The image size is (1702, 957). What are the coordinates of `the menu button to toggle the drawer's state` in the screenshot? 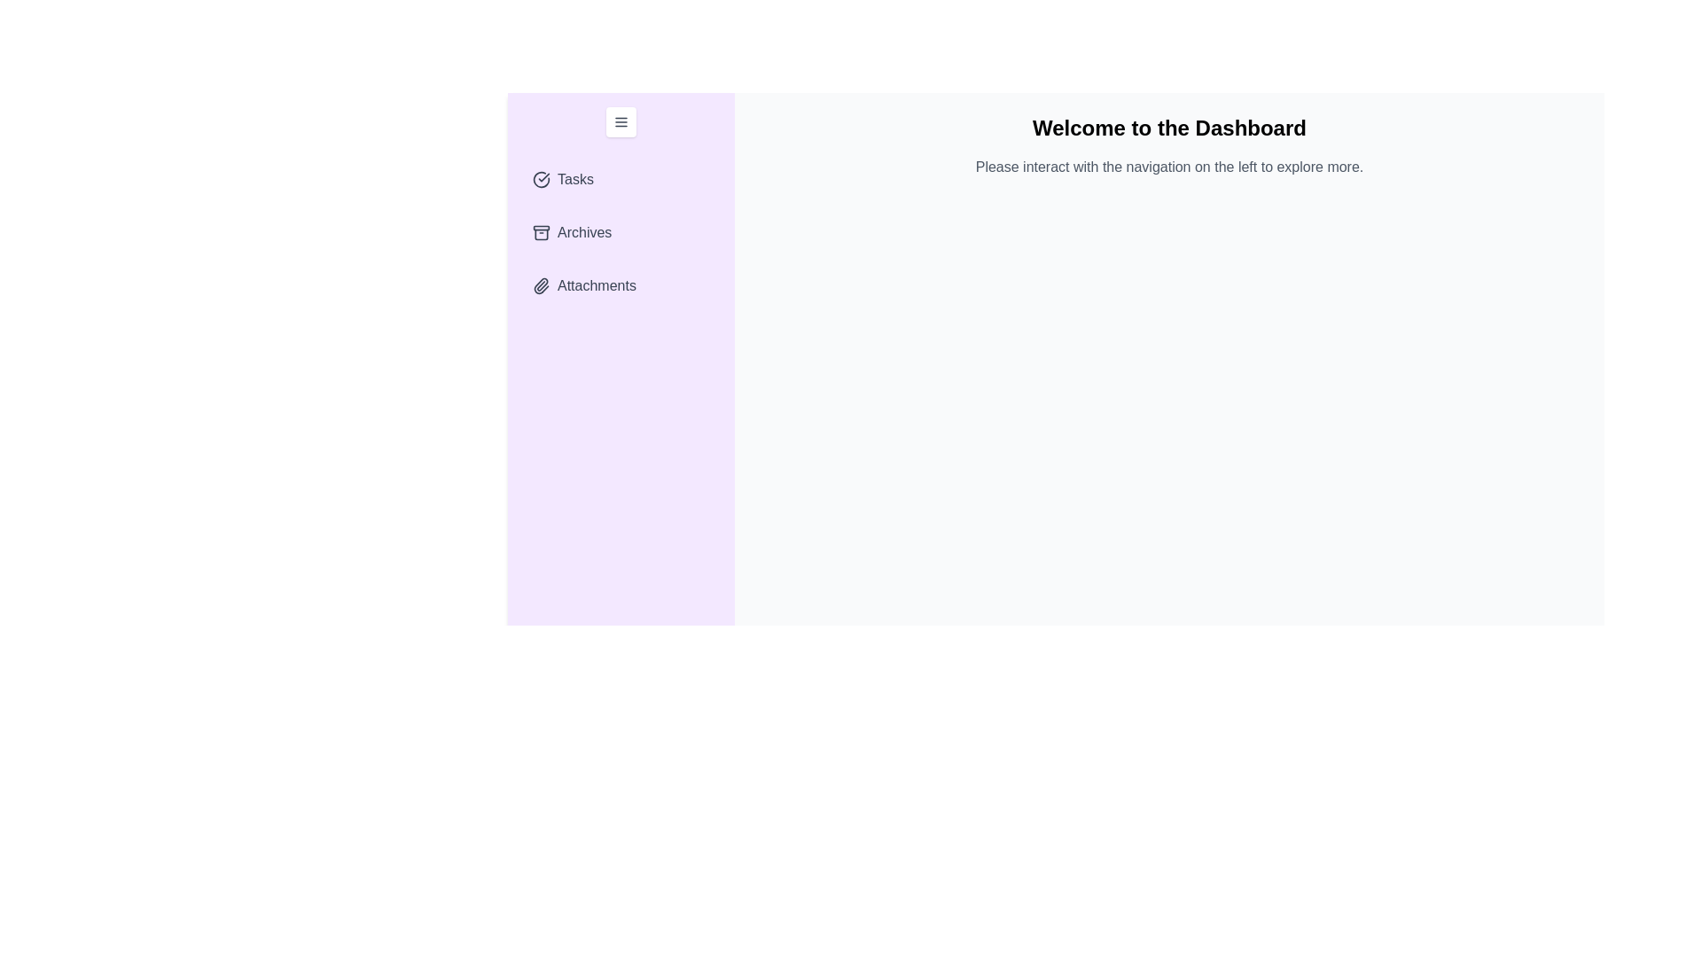 It's located at (621, 121).